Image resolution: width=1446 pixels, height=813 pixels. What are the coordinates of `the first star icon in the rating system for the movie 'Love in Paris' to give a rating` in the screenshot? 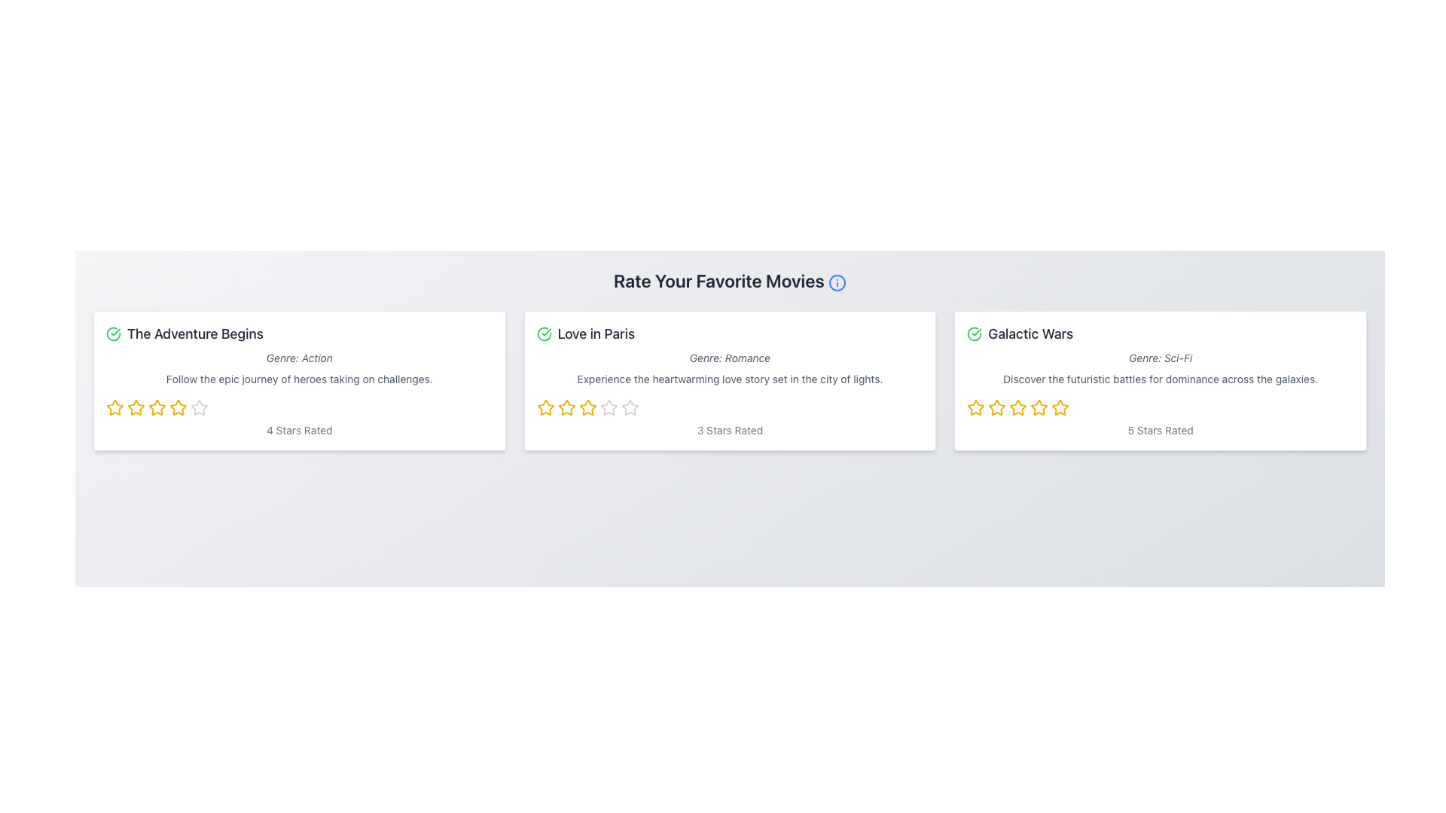 It's located at (545, 407).